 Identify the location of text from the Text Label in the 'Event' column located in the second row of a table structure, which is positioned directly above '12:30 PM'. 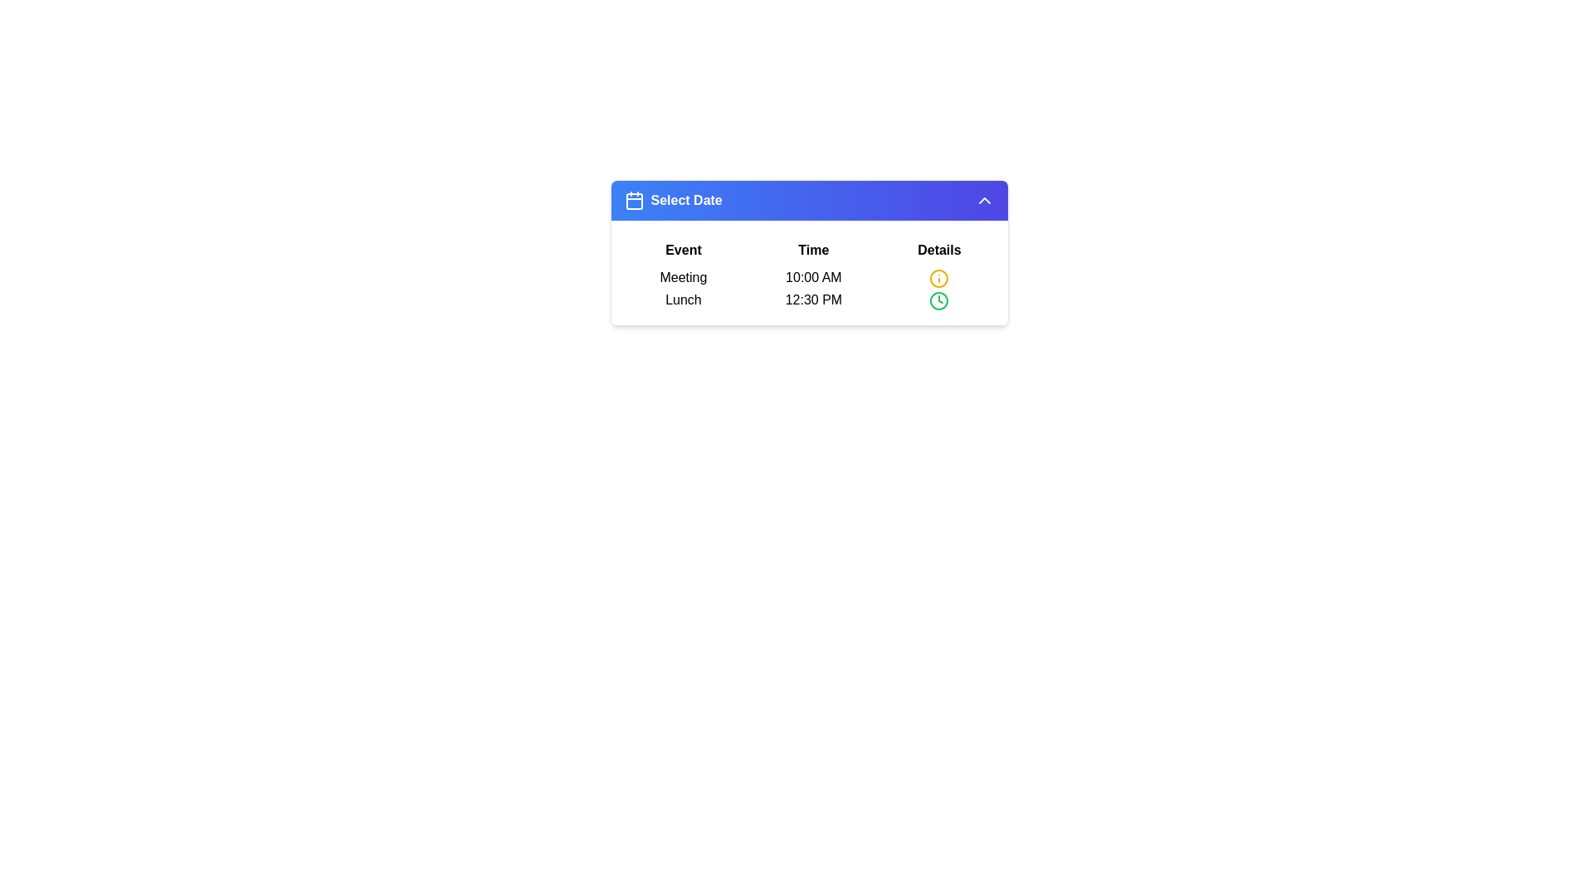
(683, 300).